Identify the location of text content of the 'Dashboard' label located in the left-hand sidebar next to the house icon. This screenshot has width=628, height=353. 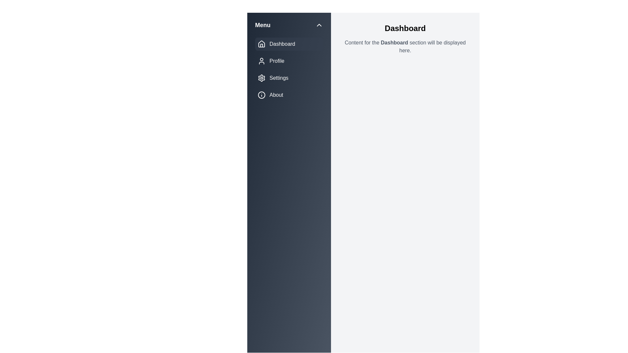
(282, 44).